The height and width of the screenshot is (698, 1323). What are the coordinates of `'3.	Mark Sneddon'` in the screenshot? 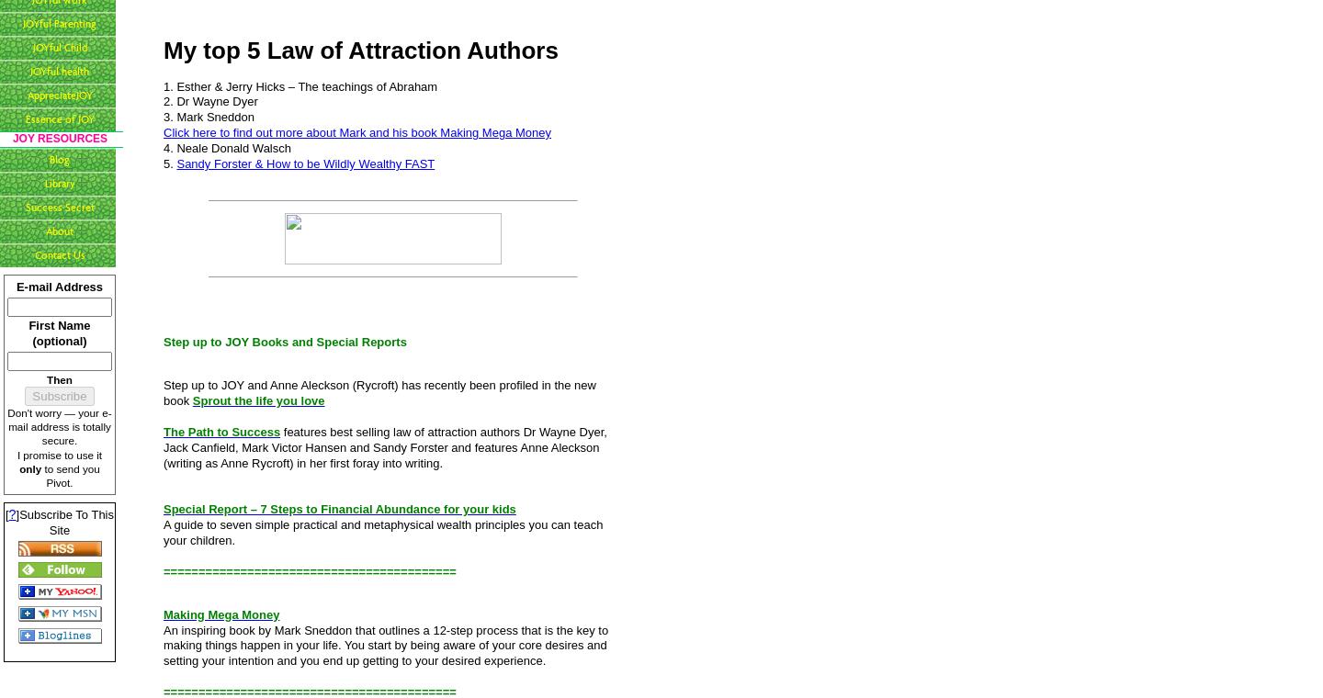 It's located at (209, 117).